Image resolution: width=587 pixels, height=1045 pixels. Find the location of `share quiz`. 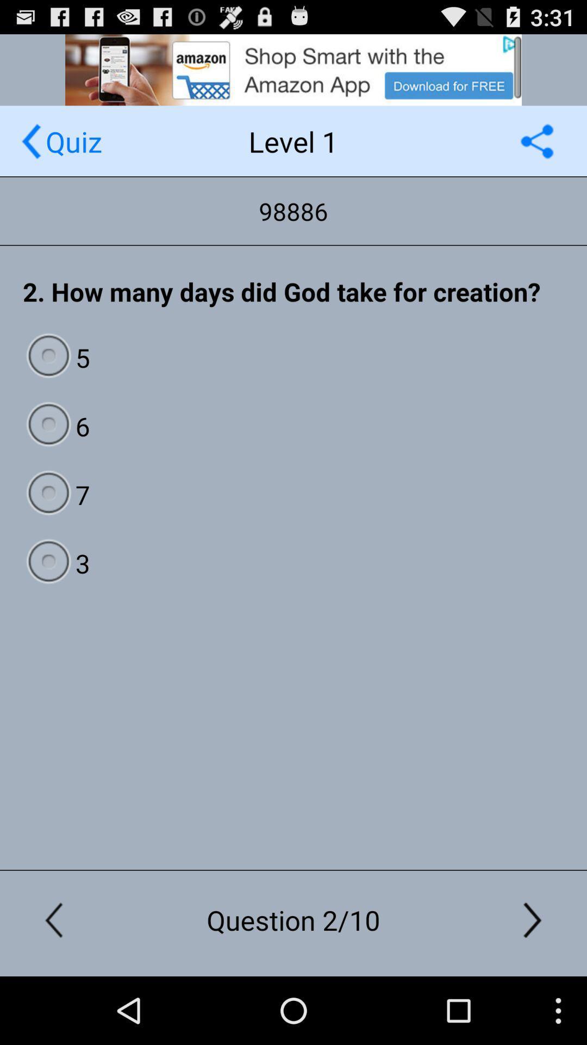

share quiz is located at coordinates (536, 140).